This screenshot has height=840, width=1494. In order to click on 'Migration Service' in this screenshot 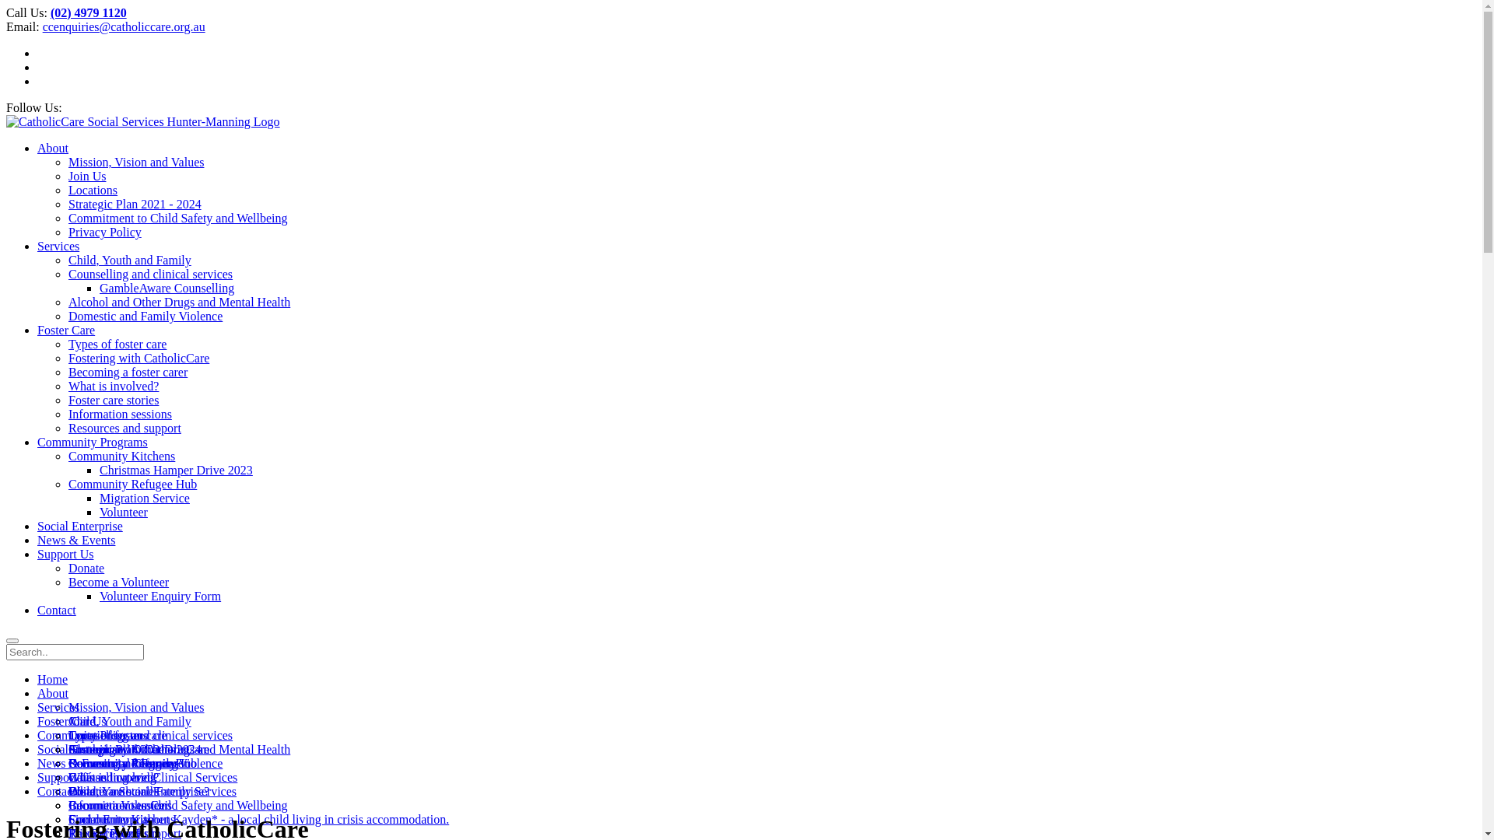, I will do `click(145, 498)`.